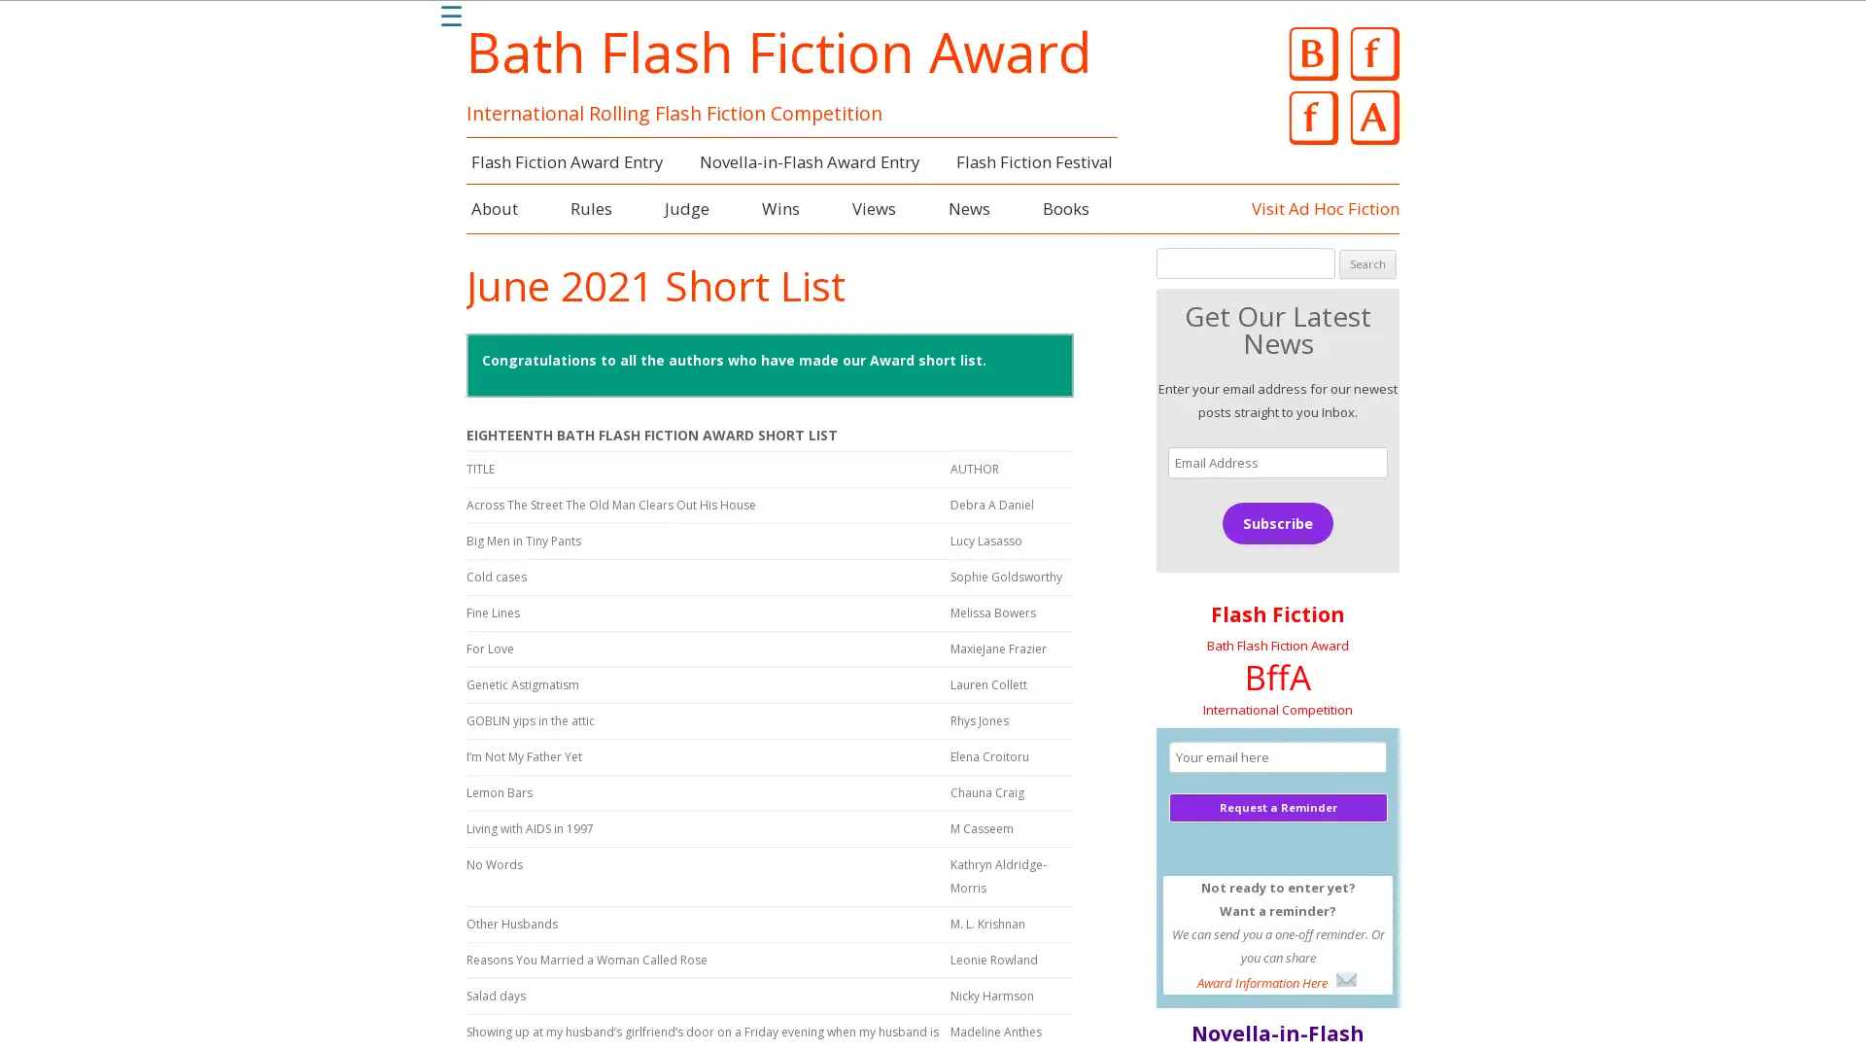 This screenshot has height=1050, width=1866. I want to click on Search, so click(1366, 262).